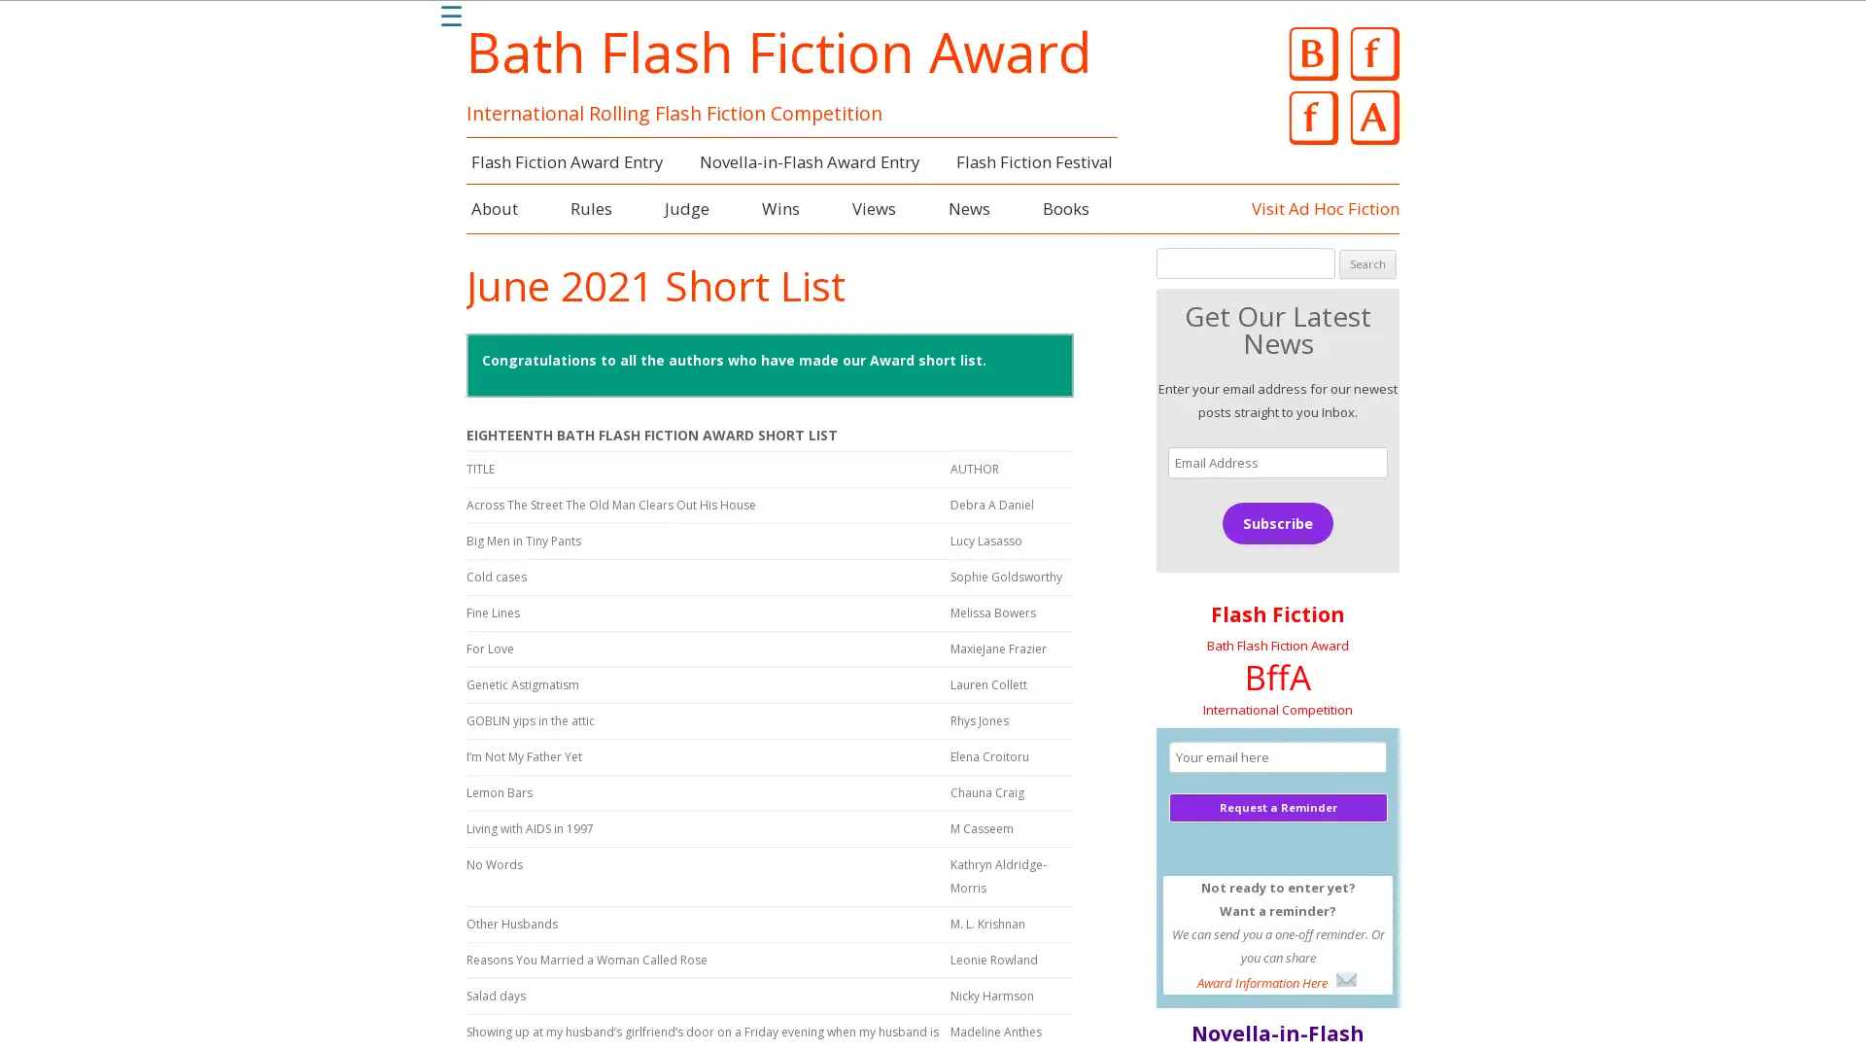 This screenshot has height=1050, width=1866. I want to click on Search, so click(1366, 262).